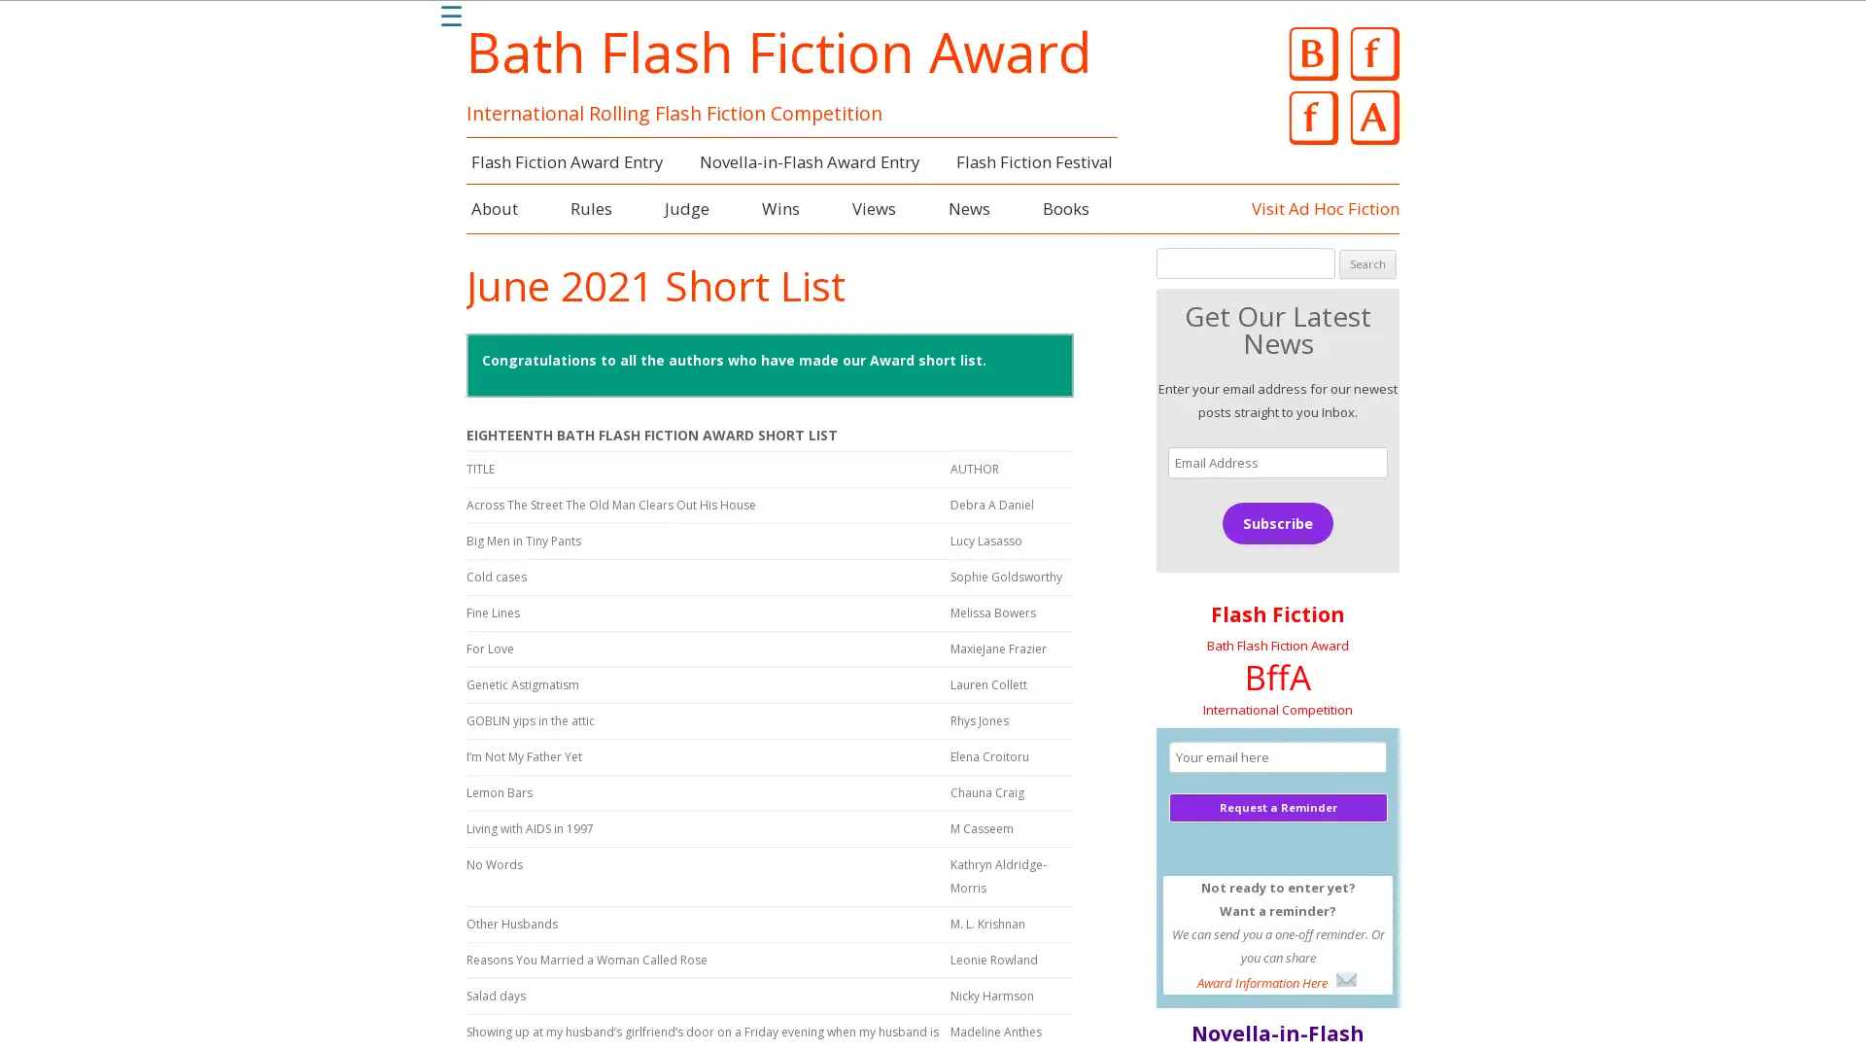 This screenshot has height=1050, width=1866. I want to click on Search, so click(1366, 262).